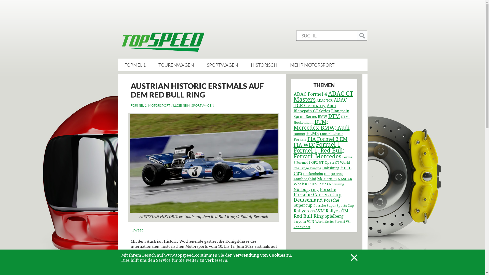 The height and width of the screenshot is (275, 489). Describe the element at coordinates (322, 171) in the screenshot. I see `'Histo Cup'` at that location.